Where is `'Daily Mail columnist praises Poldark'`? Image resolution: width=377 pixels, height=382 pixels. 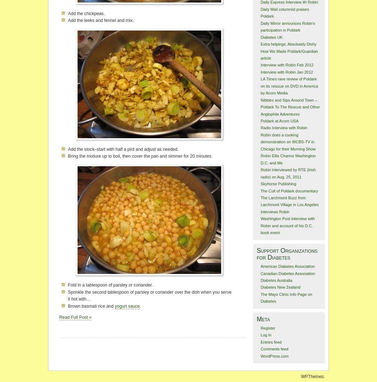 'Daily Mail columnist praises Poldark' is located at coordinates (284, 13).